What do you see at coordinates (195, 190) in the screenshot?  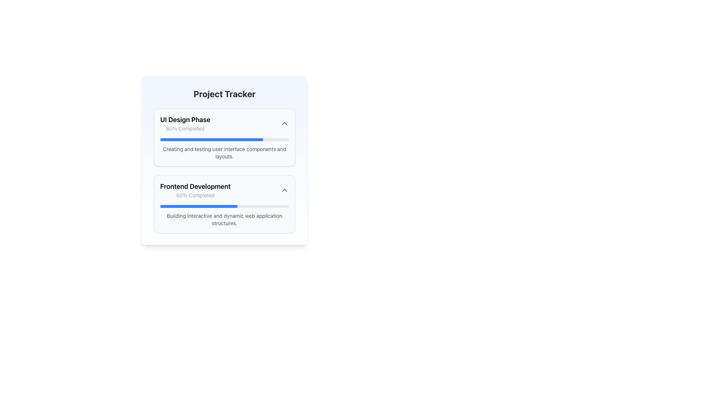 I see `text displayed in the Text Display element, which shows 'Frontend Development' and '60% Completed', located below the 'UI Design Phase' label and above a progress bar` at bounding box center [195, 190].